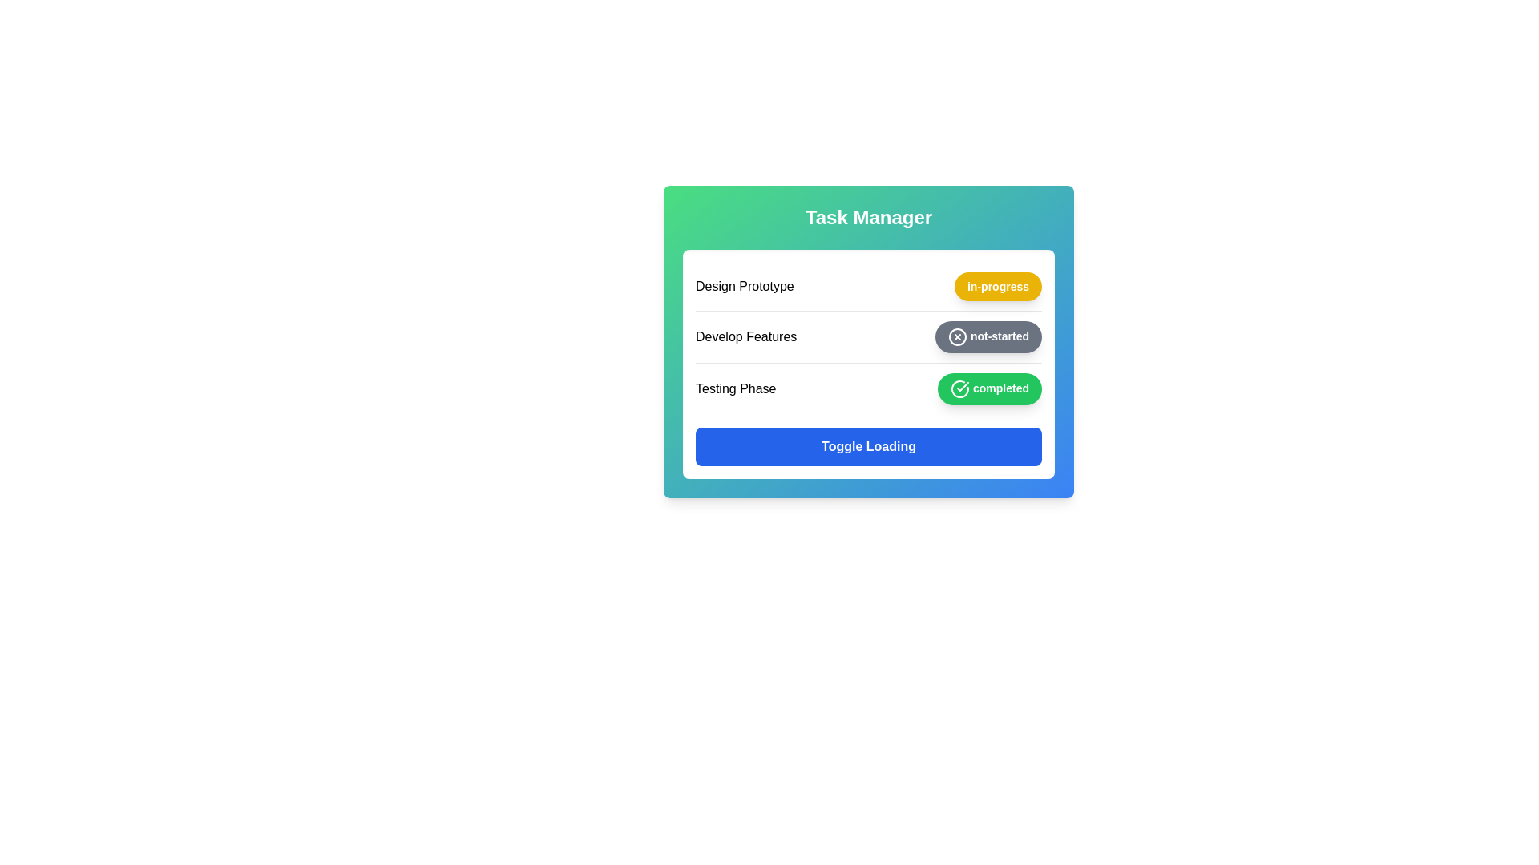 Image resolution: width=1539 pixels, height=865 pixels. I want to click on the text label stating 'Testing Phase', which is styled with a medium font weight and is located in the task summary section, to the left of the green button labeled 'completed', so click(735, 389).